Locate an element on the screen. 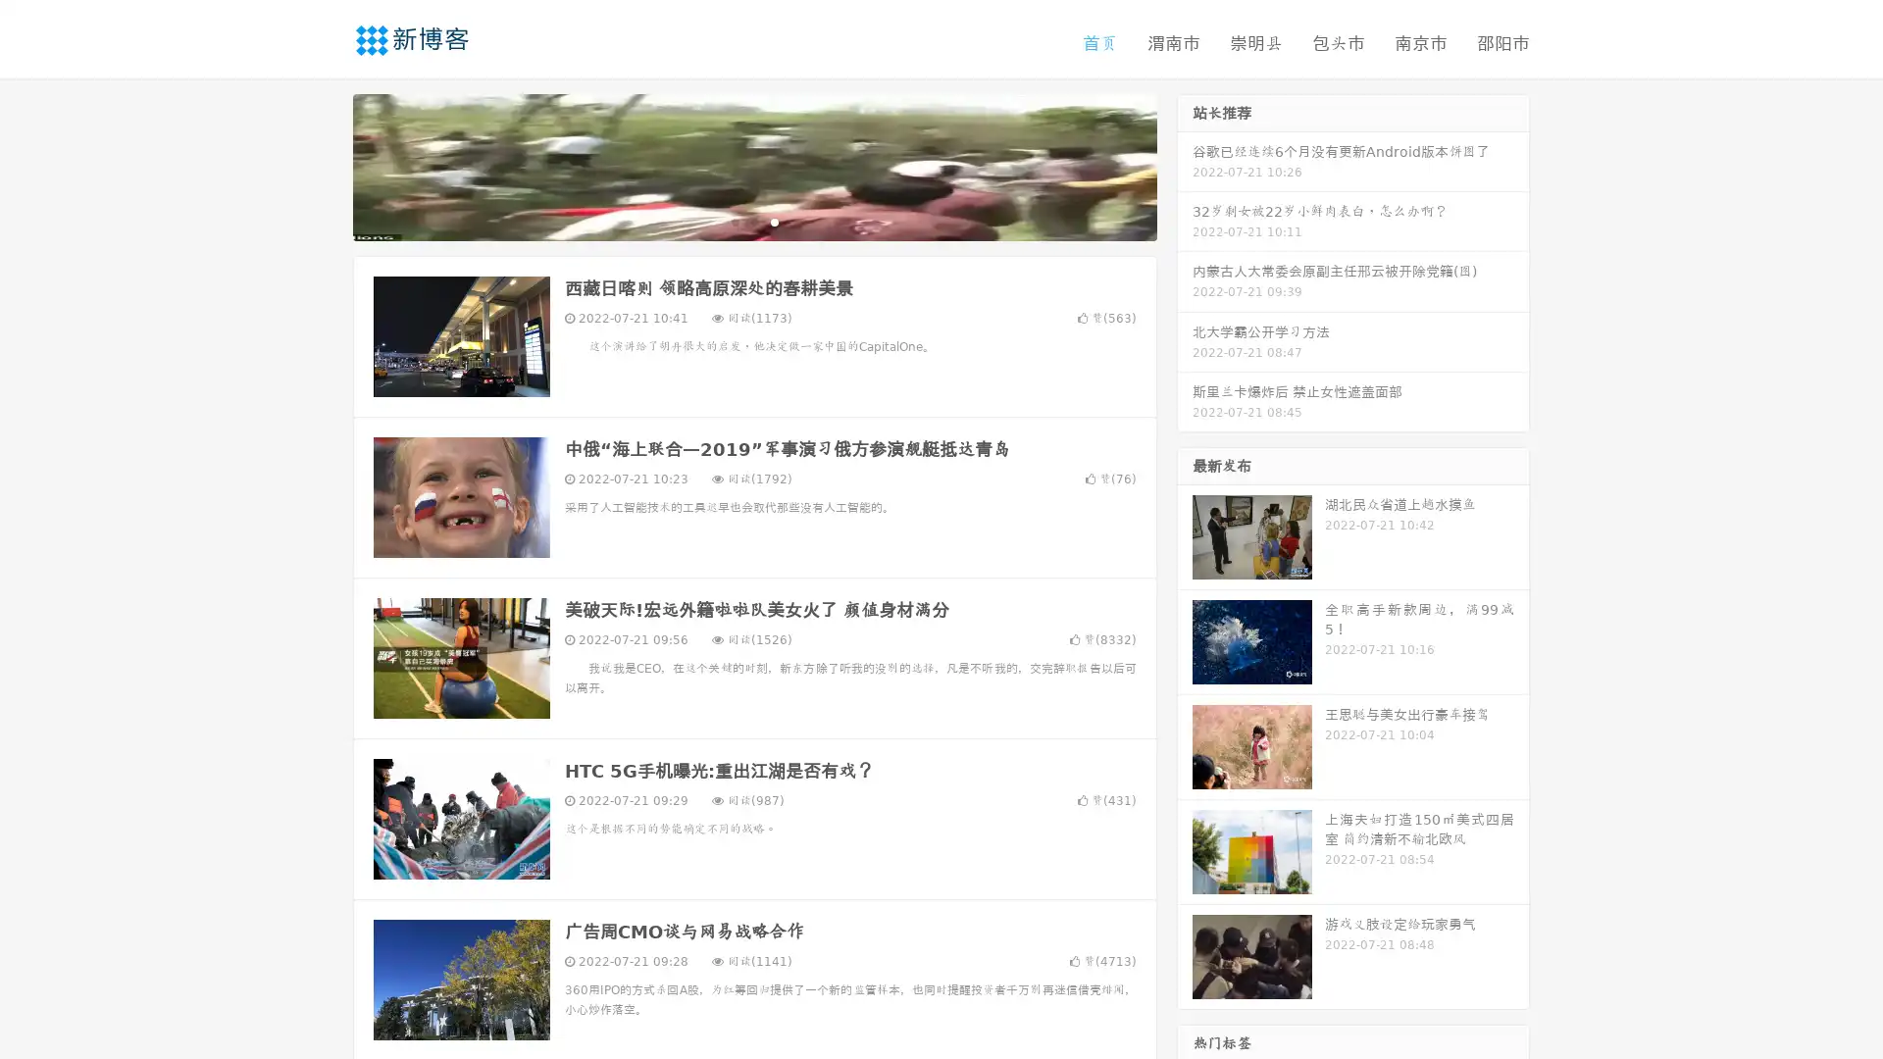 The height and width of the screenshot is (1059, 1883). Go to slide 2 is located at coordinates (753, 221).